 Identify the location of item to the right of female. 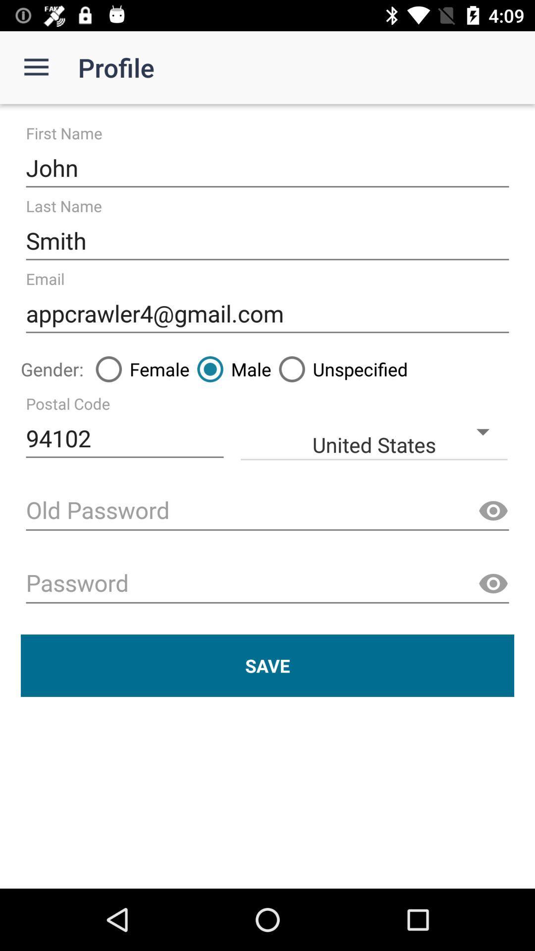
(230, 369).